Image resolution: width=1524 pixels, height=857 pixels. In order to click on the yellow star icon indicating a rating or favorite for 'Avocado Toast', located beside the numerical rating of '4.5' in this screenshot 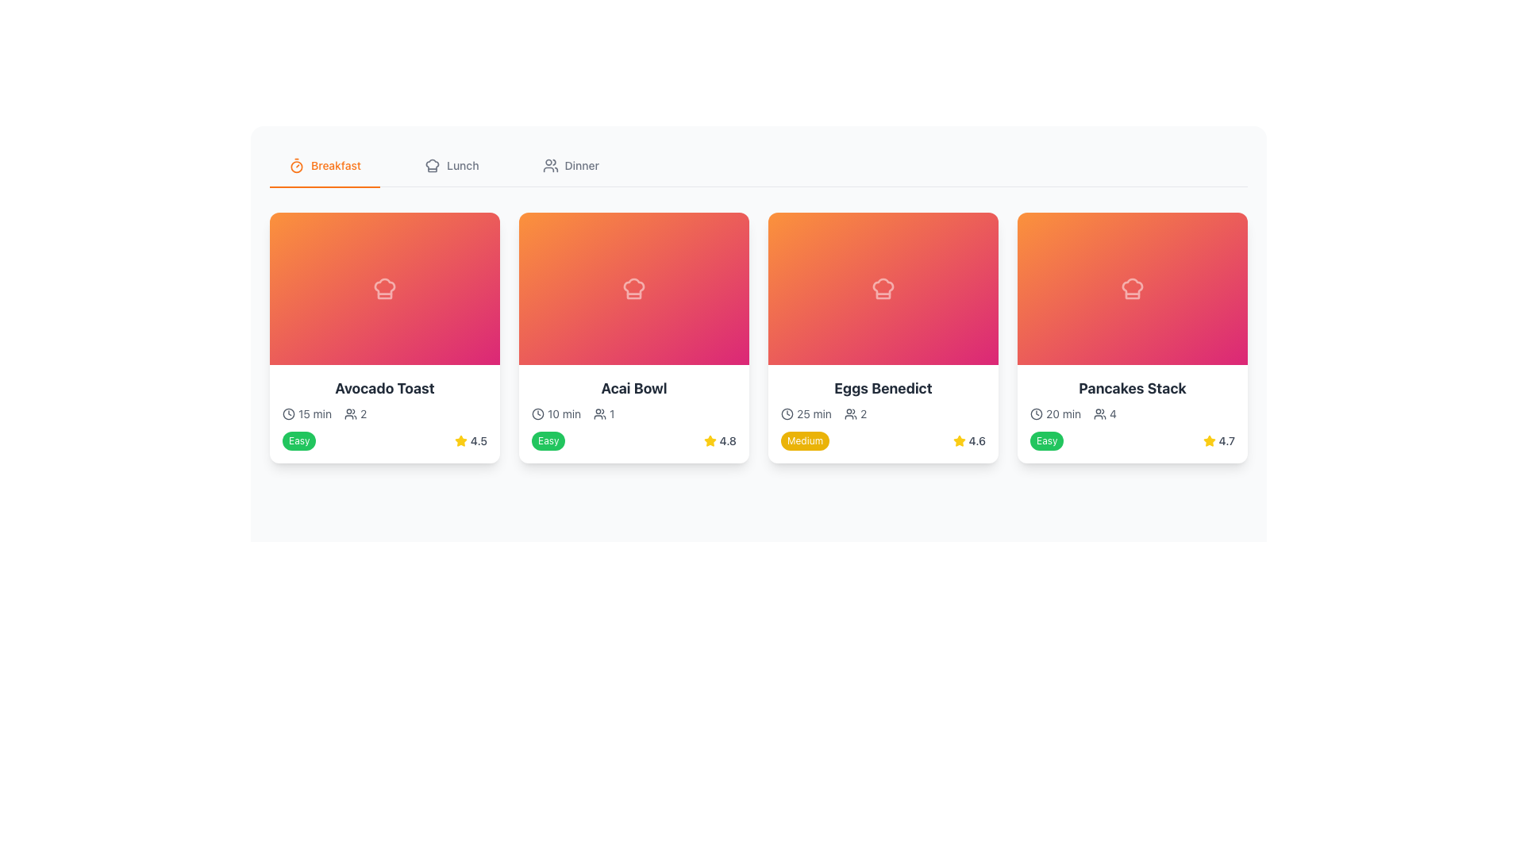, I will do `click(460, 440)`.